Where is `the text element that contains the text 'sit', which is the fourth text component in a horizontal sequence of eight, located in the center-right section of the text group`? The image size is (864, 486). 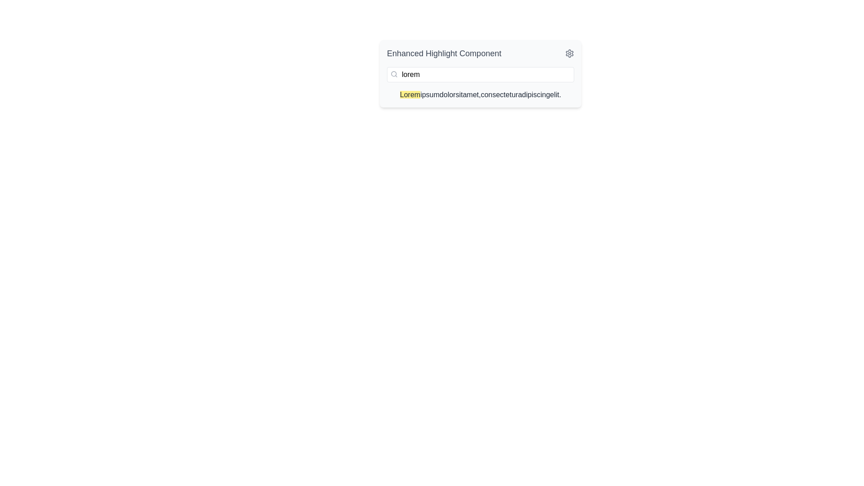
the text element that contains the text 'sit', which is the fourth text component in a horizontal sequence of eight, located in the center-right section of the text group is located at coordinates (459, 94).